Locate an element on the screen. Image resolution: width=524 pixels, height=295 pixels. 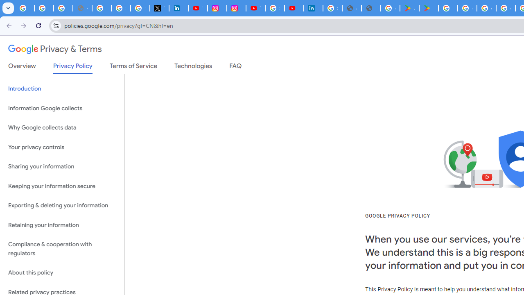
'Retaining your information' is located at coordinates (62, 225).